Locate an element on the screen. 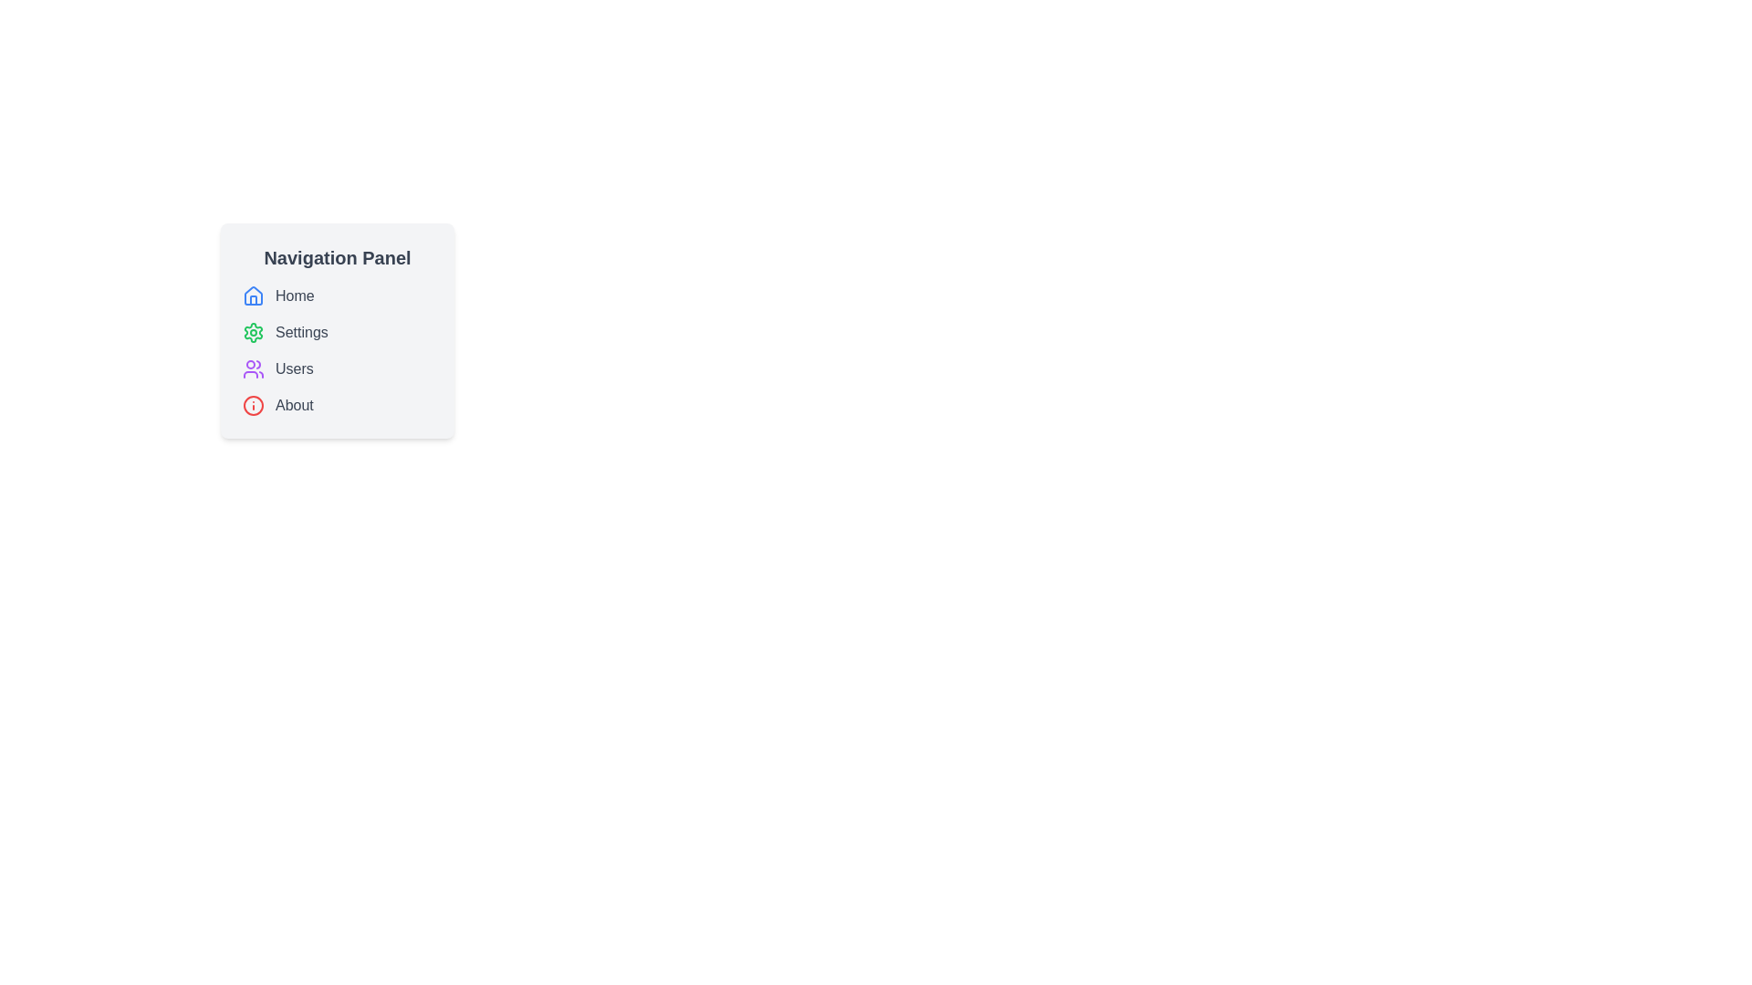 This screenshot has width=1752, height=985. the informational icon associated with the 'About' label located at the bottom of the navigation list is located at coordinates (253, 404).